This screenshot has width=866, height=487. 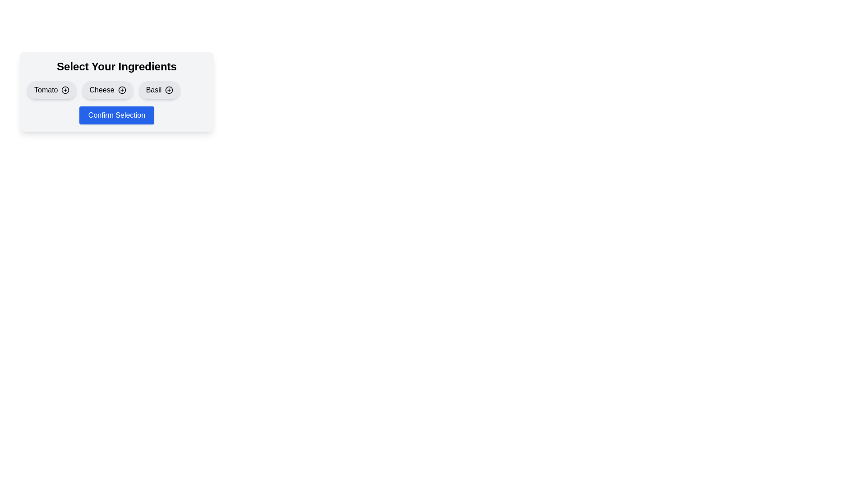 What do you see at coordinates (116, 115) in the screenshot?
I see `the 'Confirm Selection' button to confirm the ingredient selection` at bounding box center [116, 115].